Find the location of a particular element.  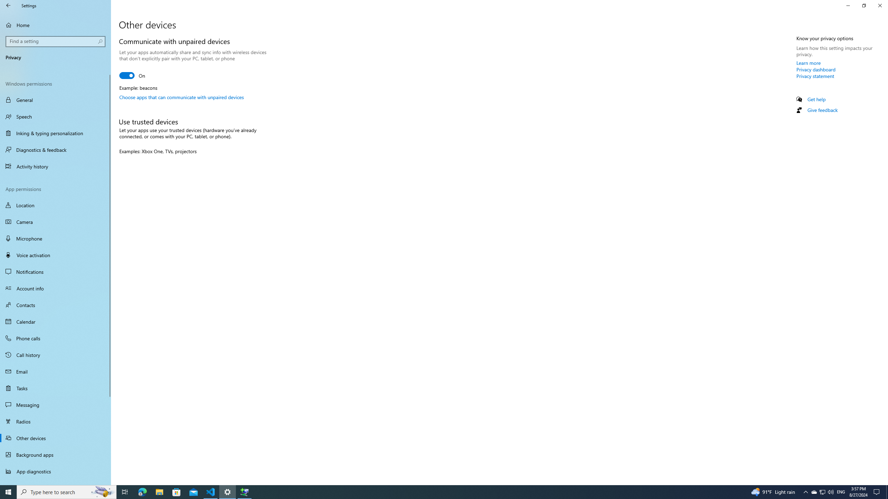

'Speech' is located at coordinates (55, 116).